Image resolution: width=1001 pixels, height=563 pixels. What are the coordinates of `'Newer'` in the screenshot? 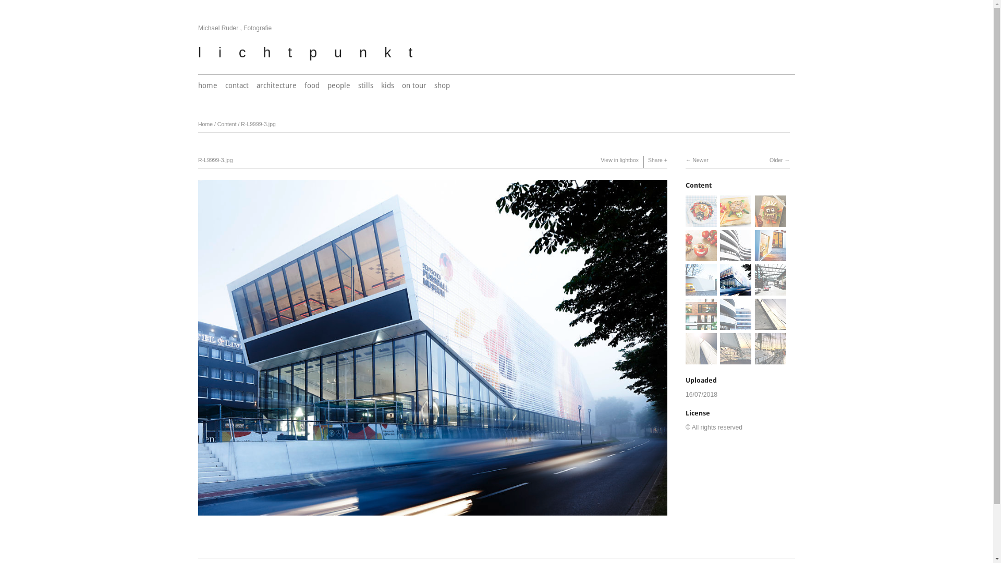 It's located at (697, 160).